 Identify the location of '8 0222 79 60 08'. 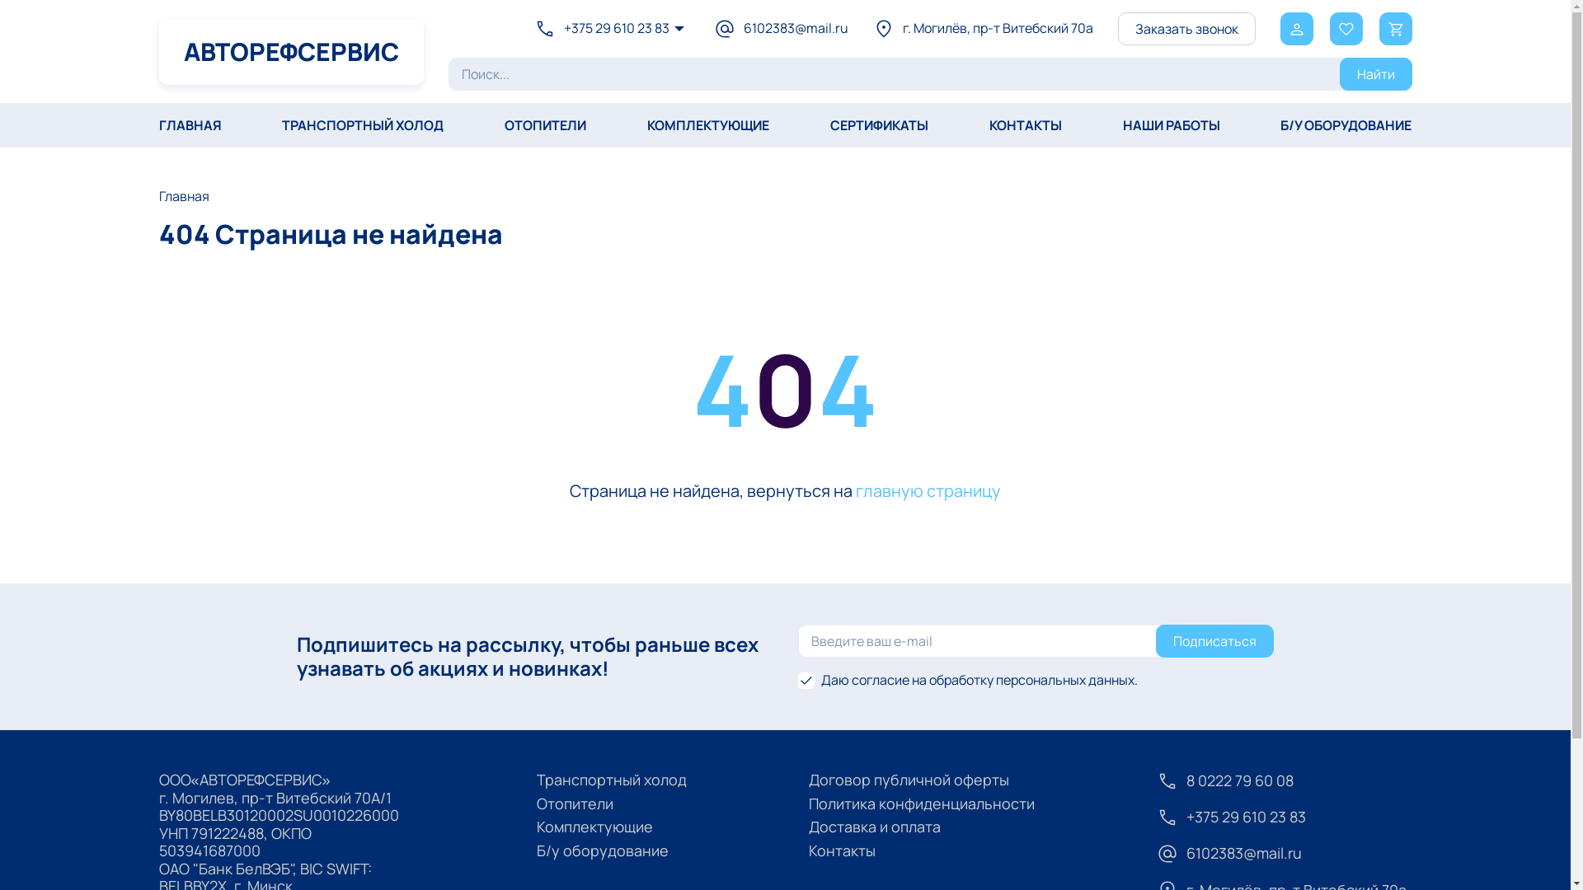
(1282, 780).